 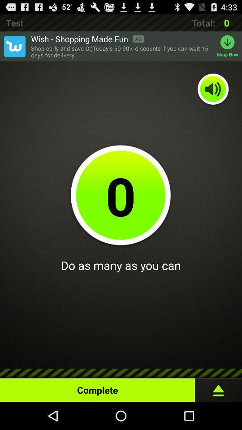 I want to click on item next to the complete, so click(x=218, y=387).